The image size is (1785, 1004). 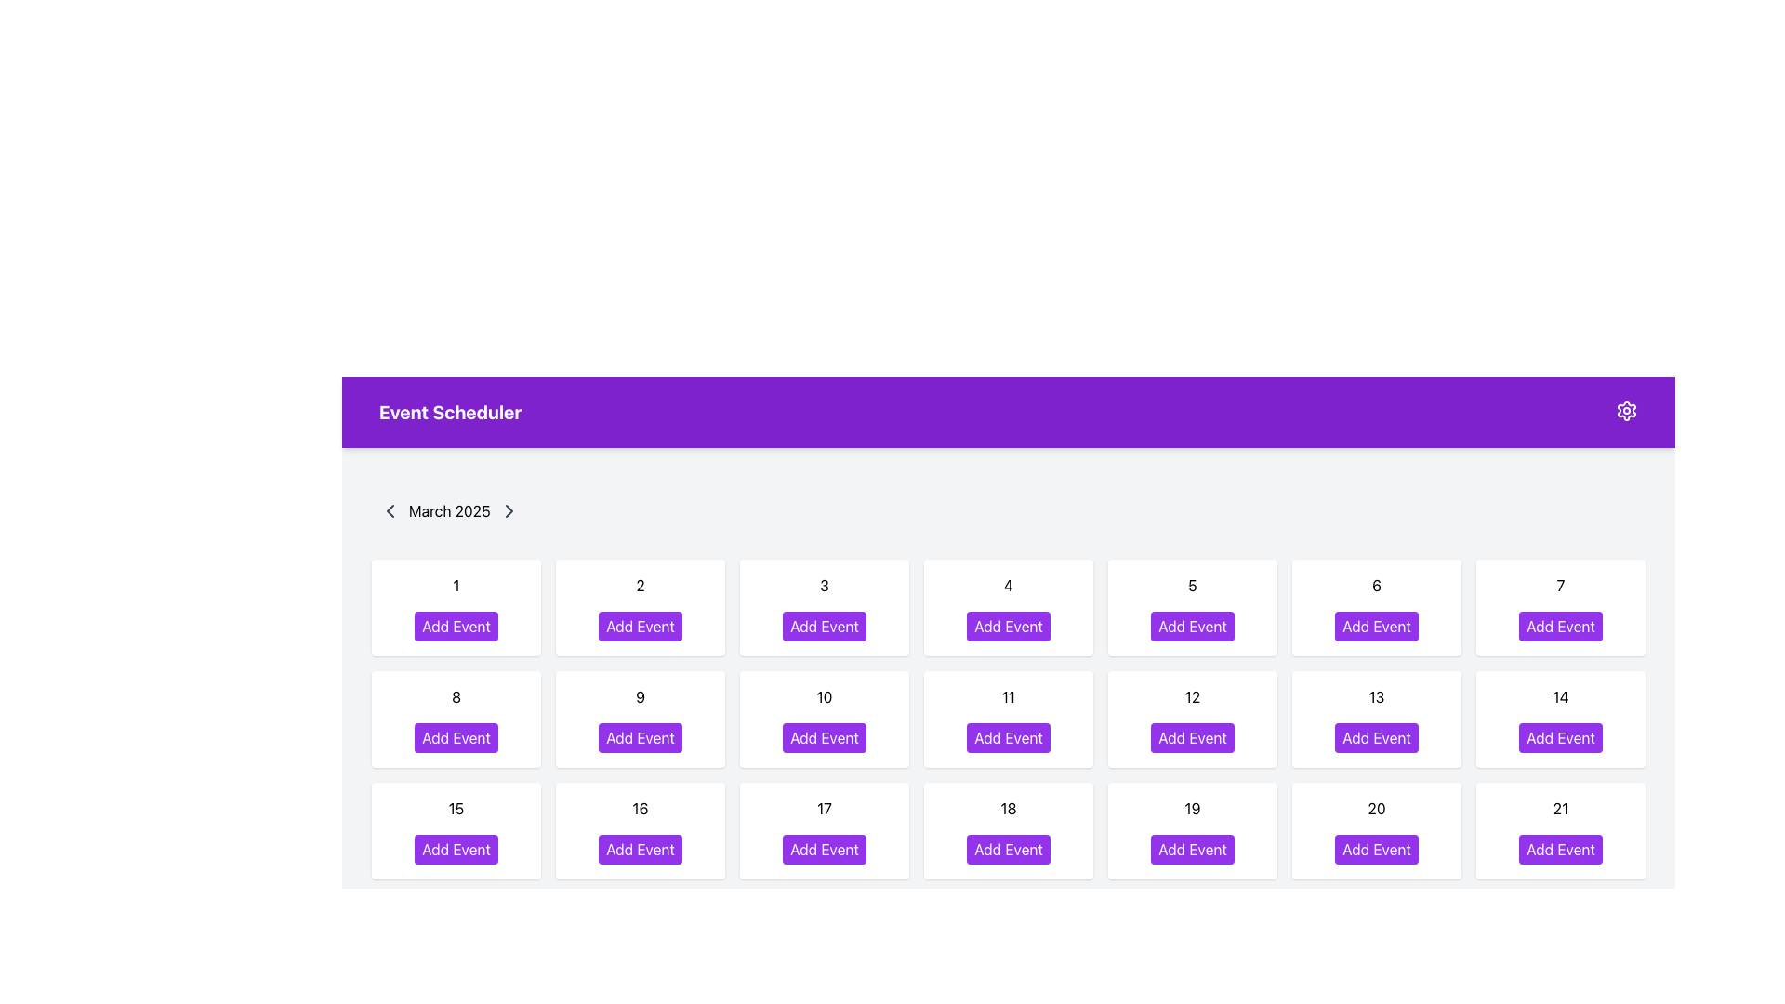 I want to click on the bold text label 'Event Scheduler' located in the top-left portion of the purple header bar, so click(x=450, y=411).